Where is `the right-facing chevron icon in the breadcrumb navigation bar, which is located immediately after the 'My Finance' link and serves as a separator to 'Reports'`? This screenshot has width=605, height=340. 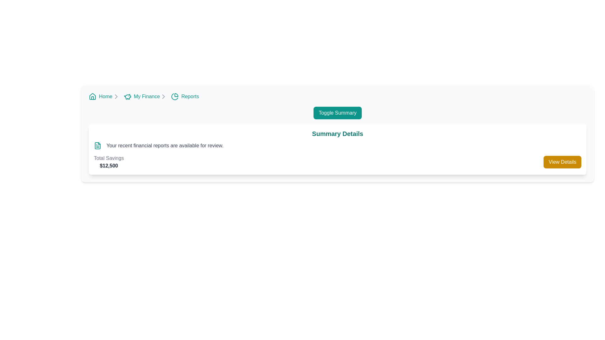
the right-facing chevron icon in the breadcrumb navigation bar, which is located immediately after the 'My Finance' link and serves as a separator to 'Reports' is located at coordinates (164, 97).